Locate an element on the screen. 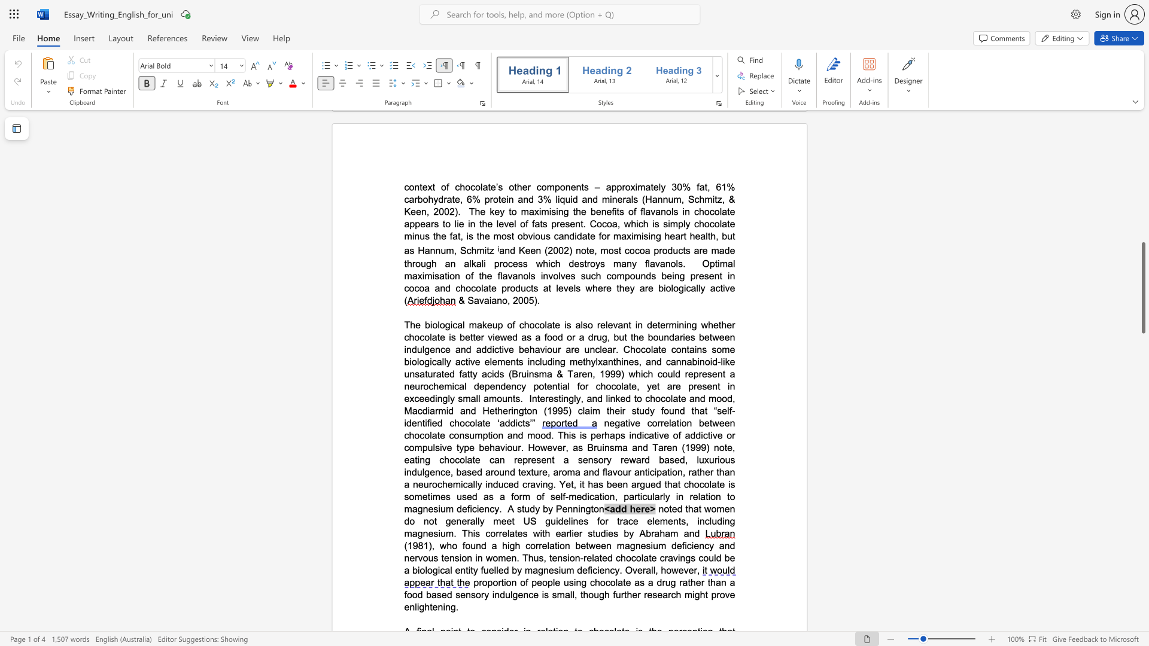 This screenshot has height=646, width=1149. the scrollbar to move the page upward is located at coordinates (1142, 214).